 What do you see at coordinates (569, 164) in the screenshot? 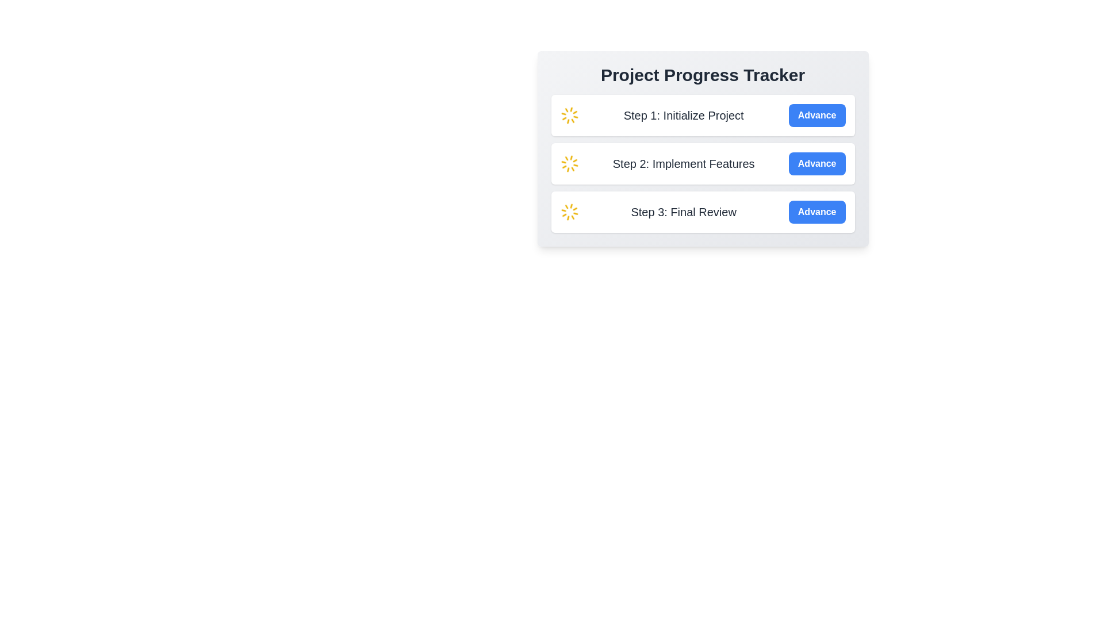
I see `the Loader Animation Icon located in the 'Step 2: Implement Features' section, which indicates the step's progress or an action being processed` at bounding box center [569, 164].